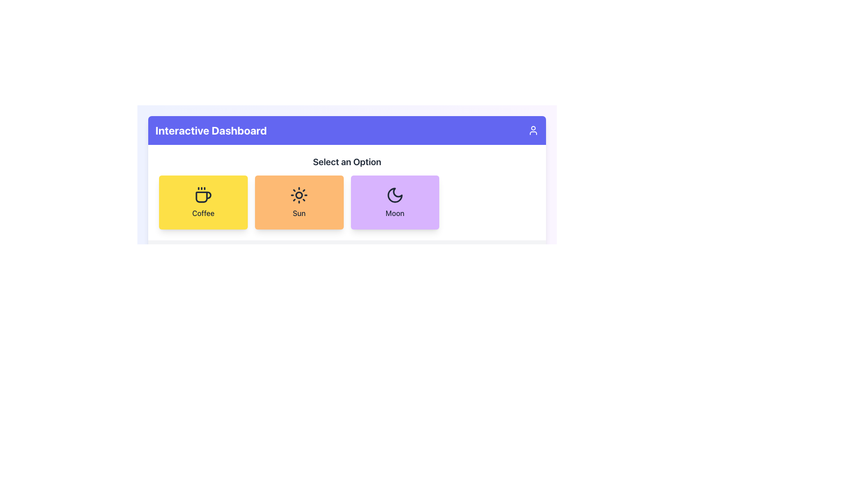 The image size is (865, 486). Describe the element at coordinates (395, 195) in the screenshot. I see `the moon icon located within the purple rectangular card, which is the third card in the group below the heading 'Select an Option'. This icon is positioned above the text 'Moon'` at that location.